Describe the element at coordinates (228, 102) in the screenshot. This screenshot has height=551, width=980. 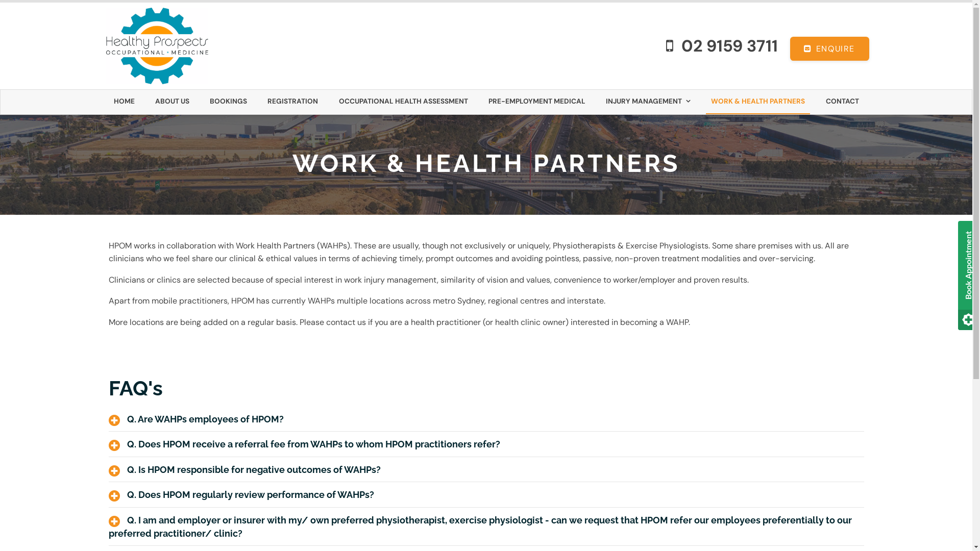
I see `'BOOKINGS'` at that location.